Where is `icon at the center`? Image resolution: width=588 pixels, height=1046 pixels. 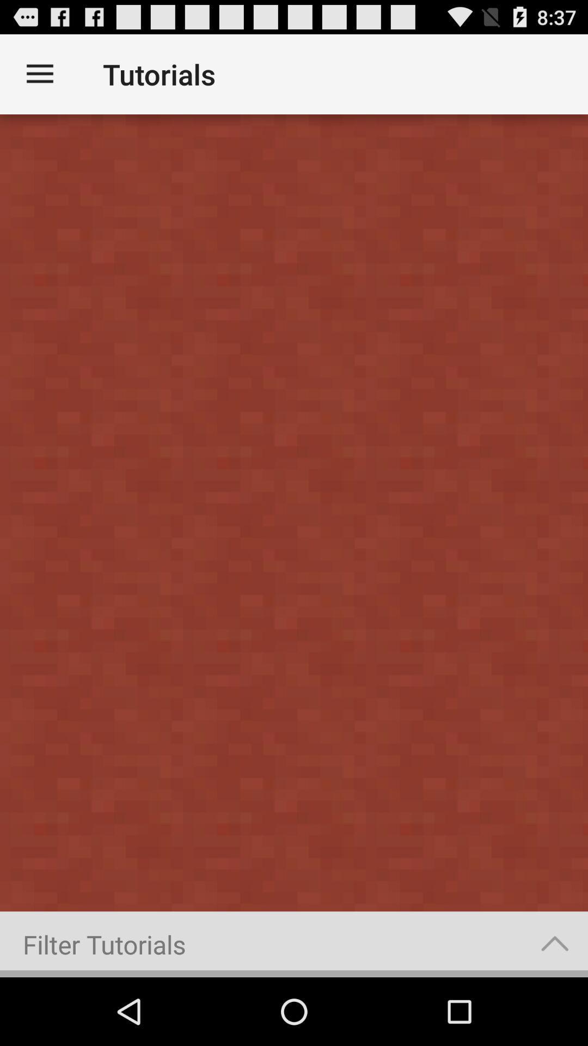
icon at the center is located at coordinates (294, 512).